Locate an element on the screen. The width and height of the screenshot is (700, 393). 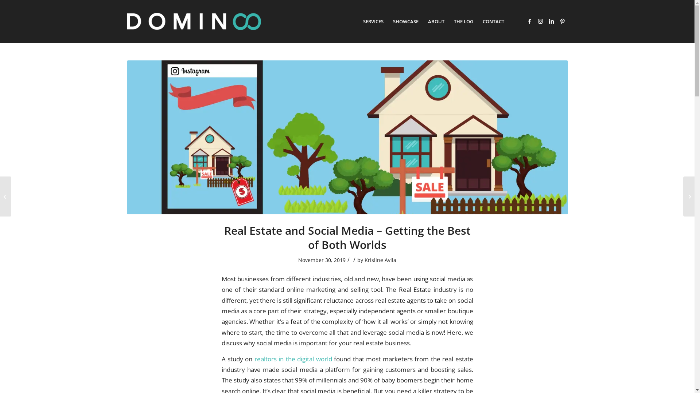
'domin8-logo-white-teal' is located at coordinates (194, 21).